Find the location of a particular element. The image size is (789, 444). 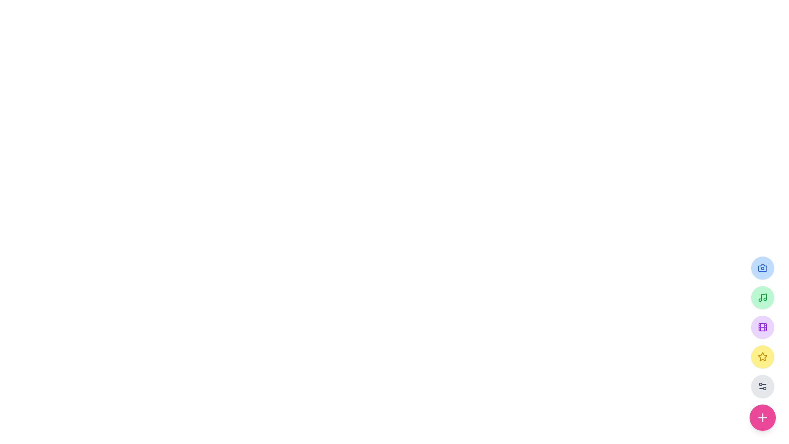

the circular button with a light blue background and a camera icon at its center is located at coordinates (762, 268).